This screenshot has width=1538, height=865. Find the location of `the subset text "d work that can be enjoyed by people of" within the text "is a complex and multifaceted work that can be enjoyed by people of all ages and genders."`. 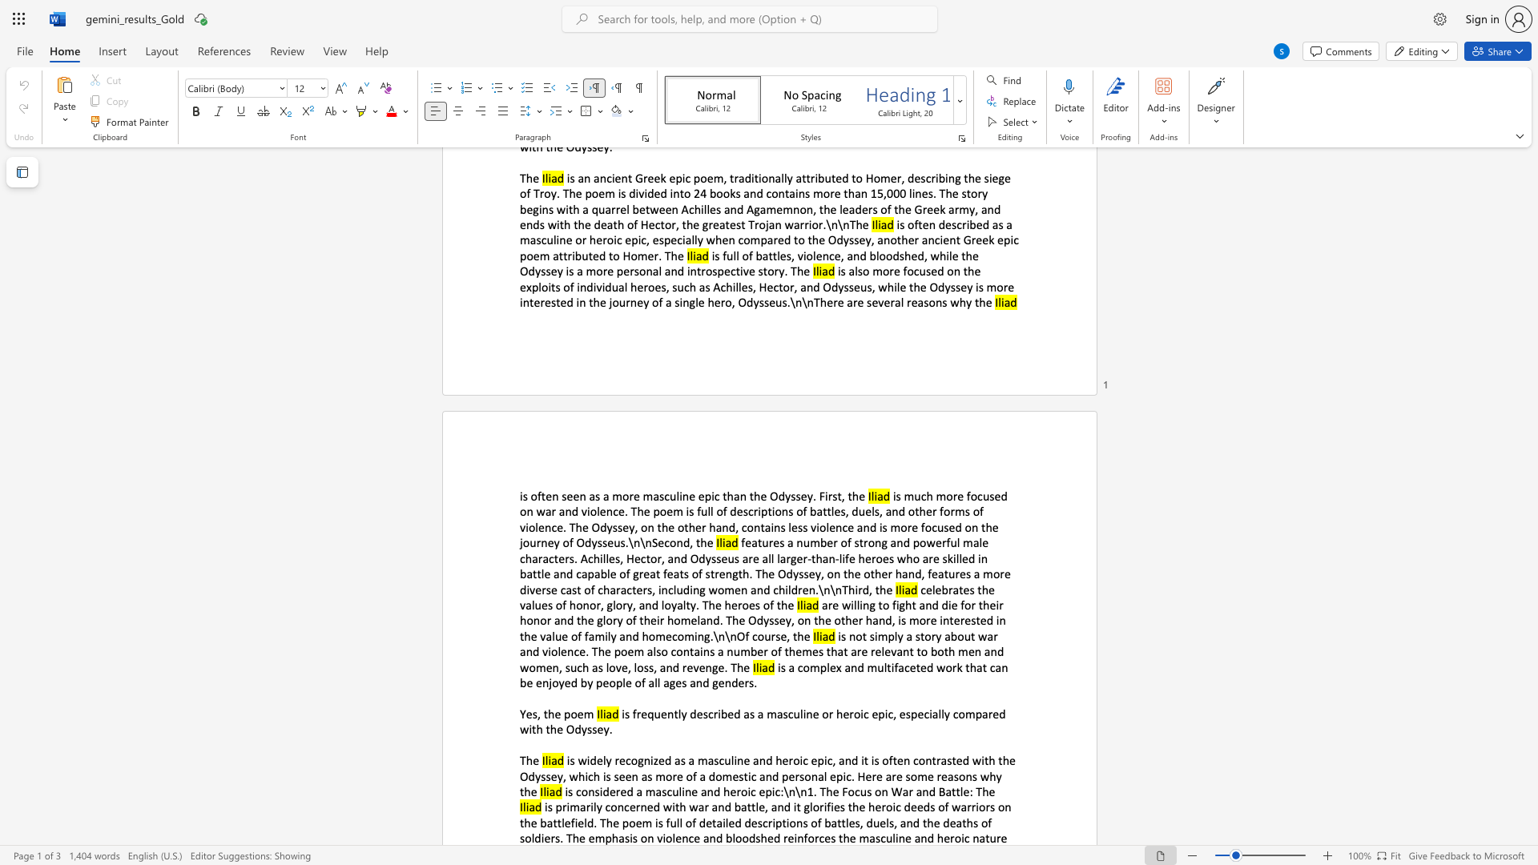

the subset text "d work that can be enjoyed by people of" within the text "is a complex and multifaceted work that can be enjoyed by people of all ages and genders." is located at coordinates (926, 667).